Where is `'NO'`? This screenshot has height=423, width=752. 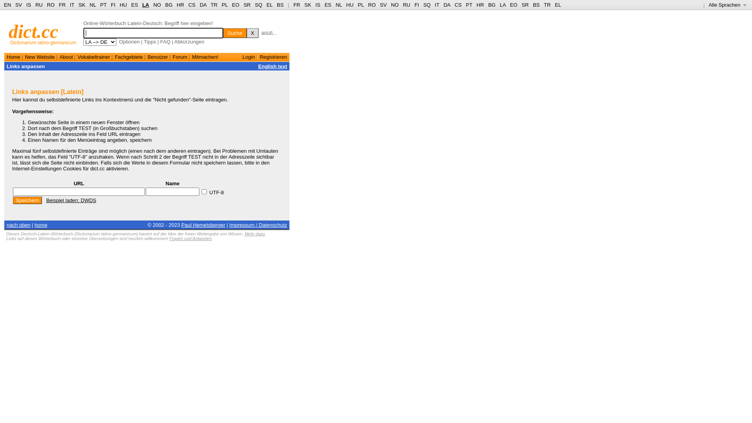 'NO' is located at coordinates (395, 5).